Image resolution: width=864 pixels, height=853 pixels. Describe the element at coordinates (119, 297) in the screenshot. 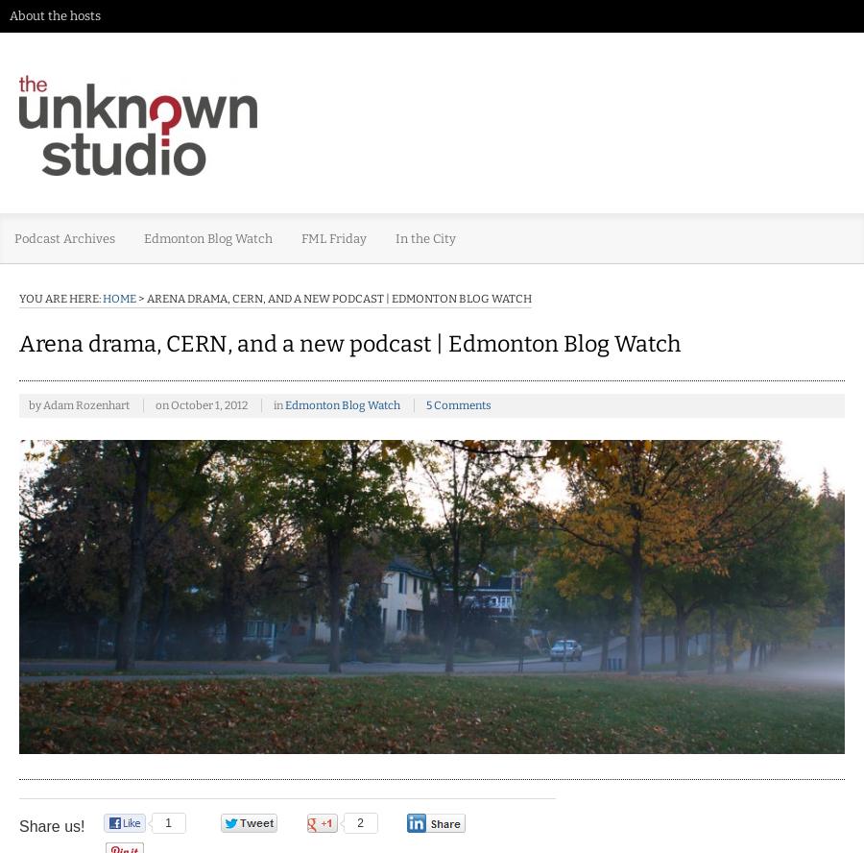

I see `'Home'` at that location.